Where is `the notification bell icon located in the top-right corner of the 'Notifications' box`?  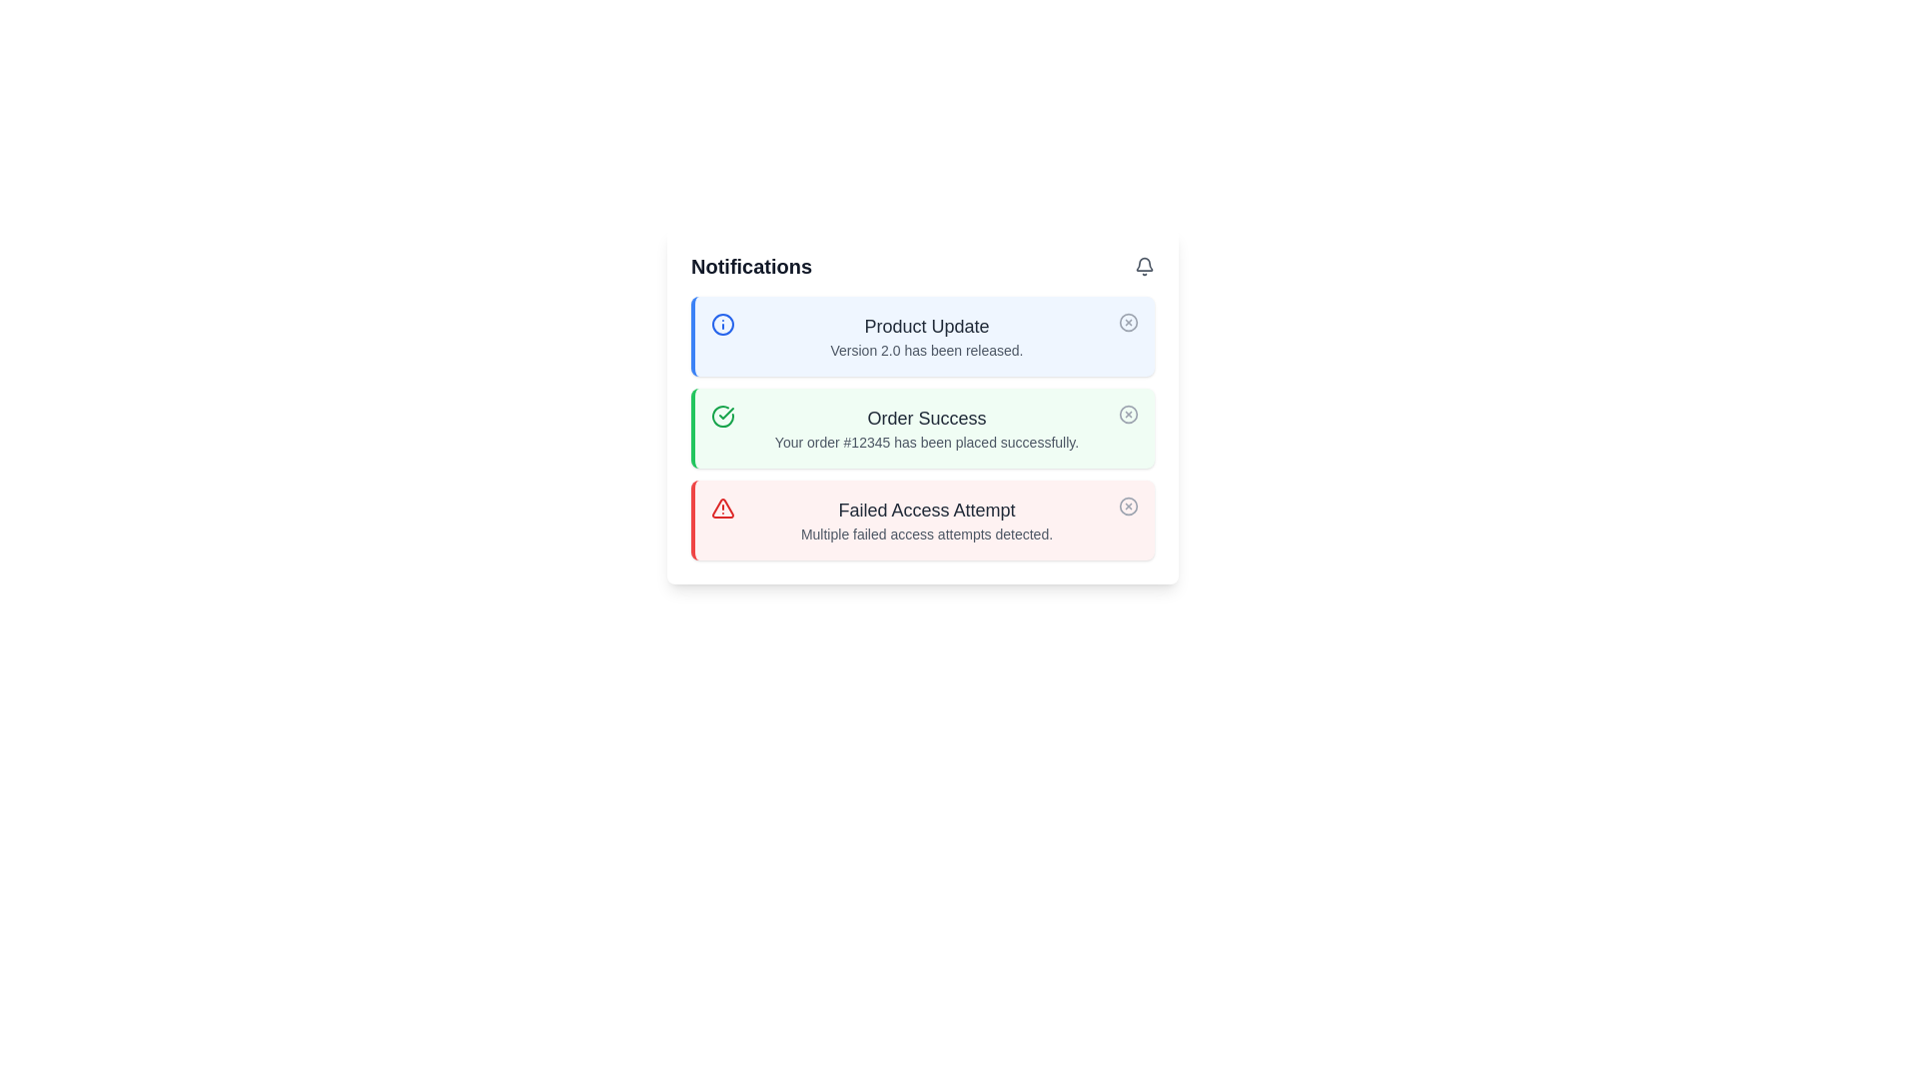 the notification bell icon located in the top-right corner of the 'Notifications' box is located at coordinates (1145, 265).